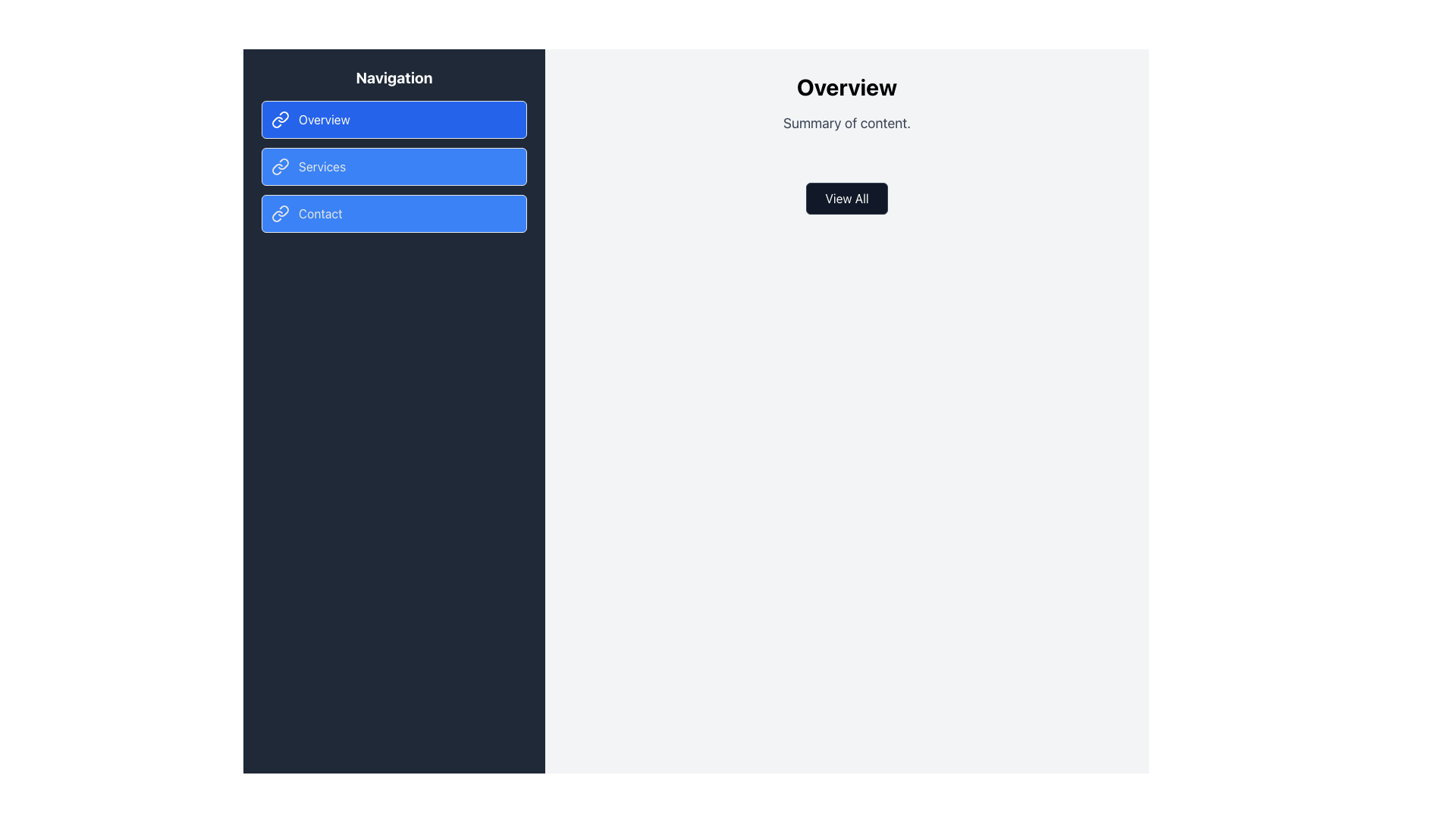  Describe the element at coordinates (846, 198) in the screenshot. I see `the rectangular button with a dark gray background and white text label 'View All' located centrally beneath the title 'Overview'` at that location.